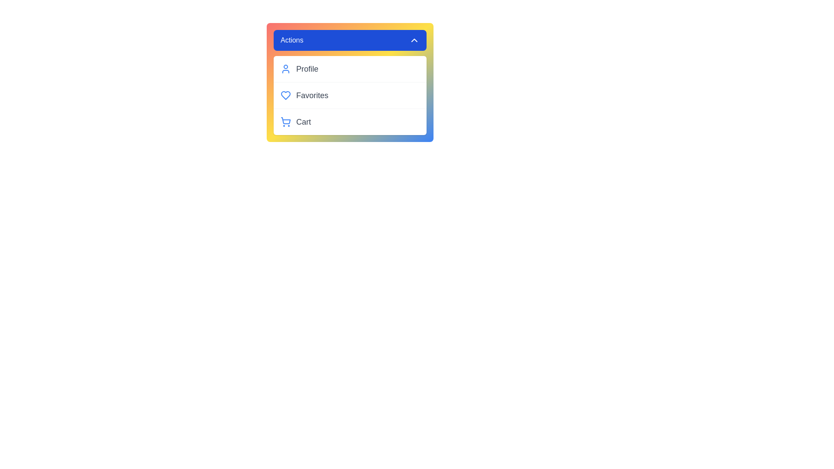 Image resolution: width=834 pixels, height=469 pixels. Describe the element at coordinates (350, 122) in the screenshot. I see `the third item in the dropdown menu that navigates to the cart page, positioned below 'Profile' and 'Favorites'` at that location.